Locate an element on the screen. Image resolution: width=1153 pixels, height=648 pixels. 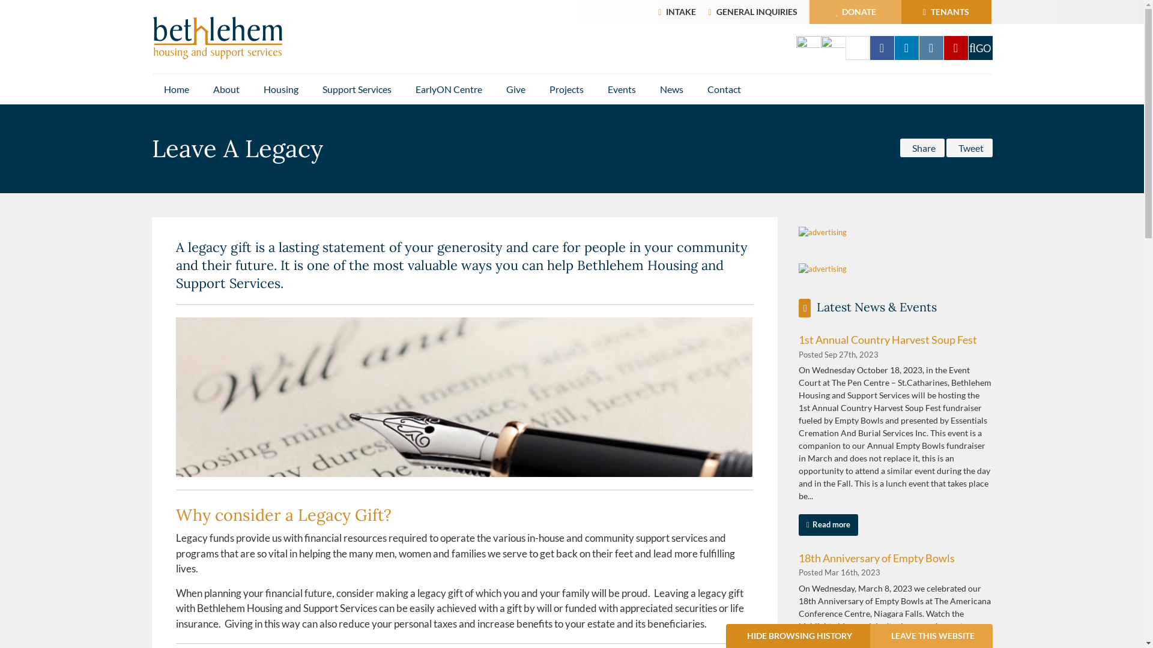
'Share' is located at coordinates (899, 147).